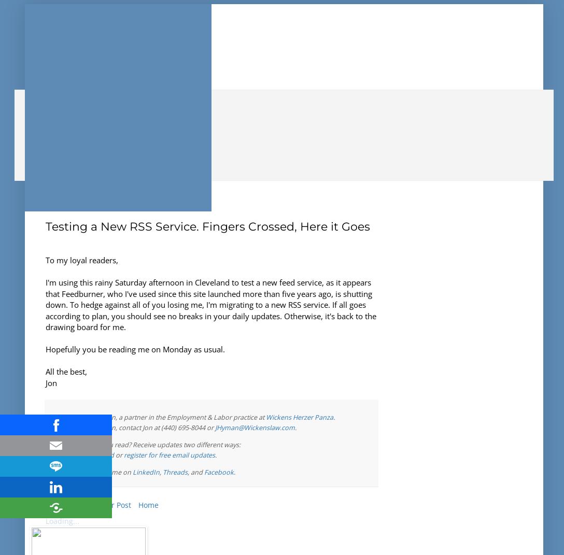  I want to click on 'Speaking Engagements', so click(86, 116).